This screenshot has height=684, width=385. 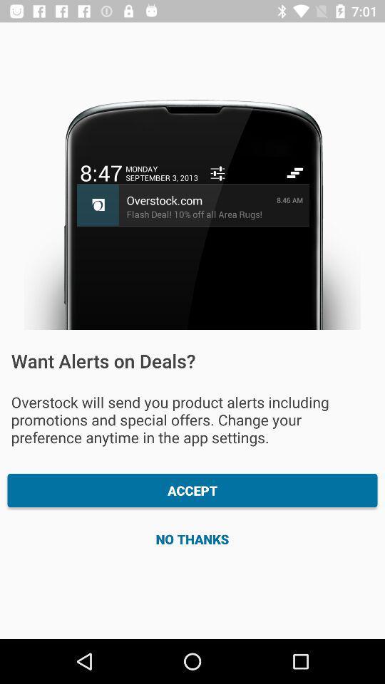 I want to click on the icon below the accept item, so click(x=192, y=538).